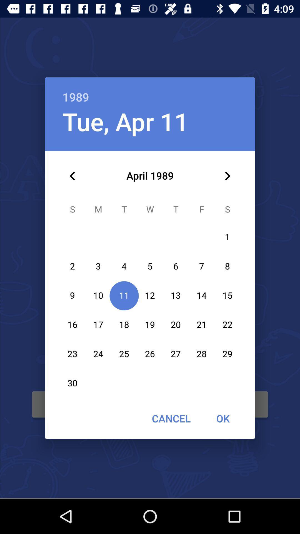 Image resolution: width=300 pixels, height=534 pixels. What do you see at coordinates (72, 176) in the screenshot?
I see `the item below the tue, apr 11 icon` at bounding box center [72, 176].